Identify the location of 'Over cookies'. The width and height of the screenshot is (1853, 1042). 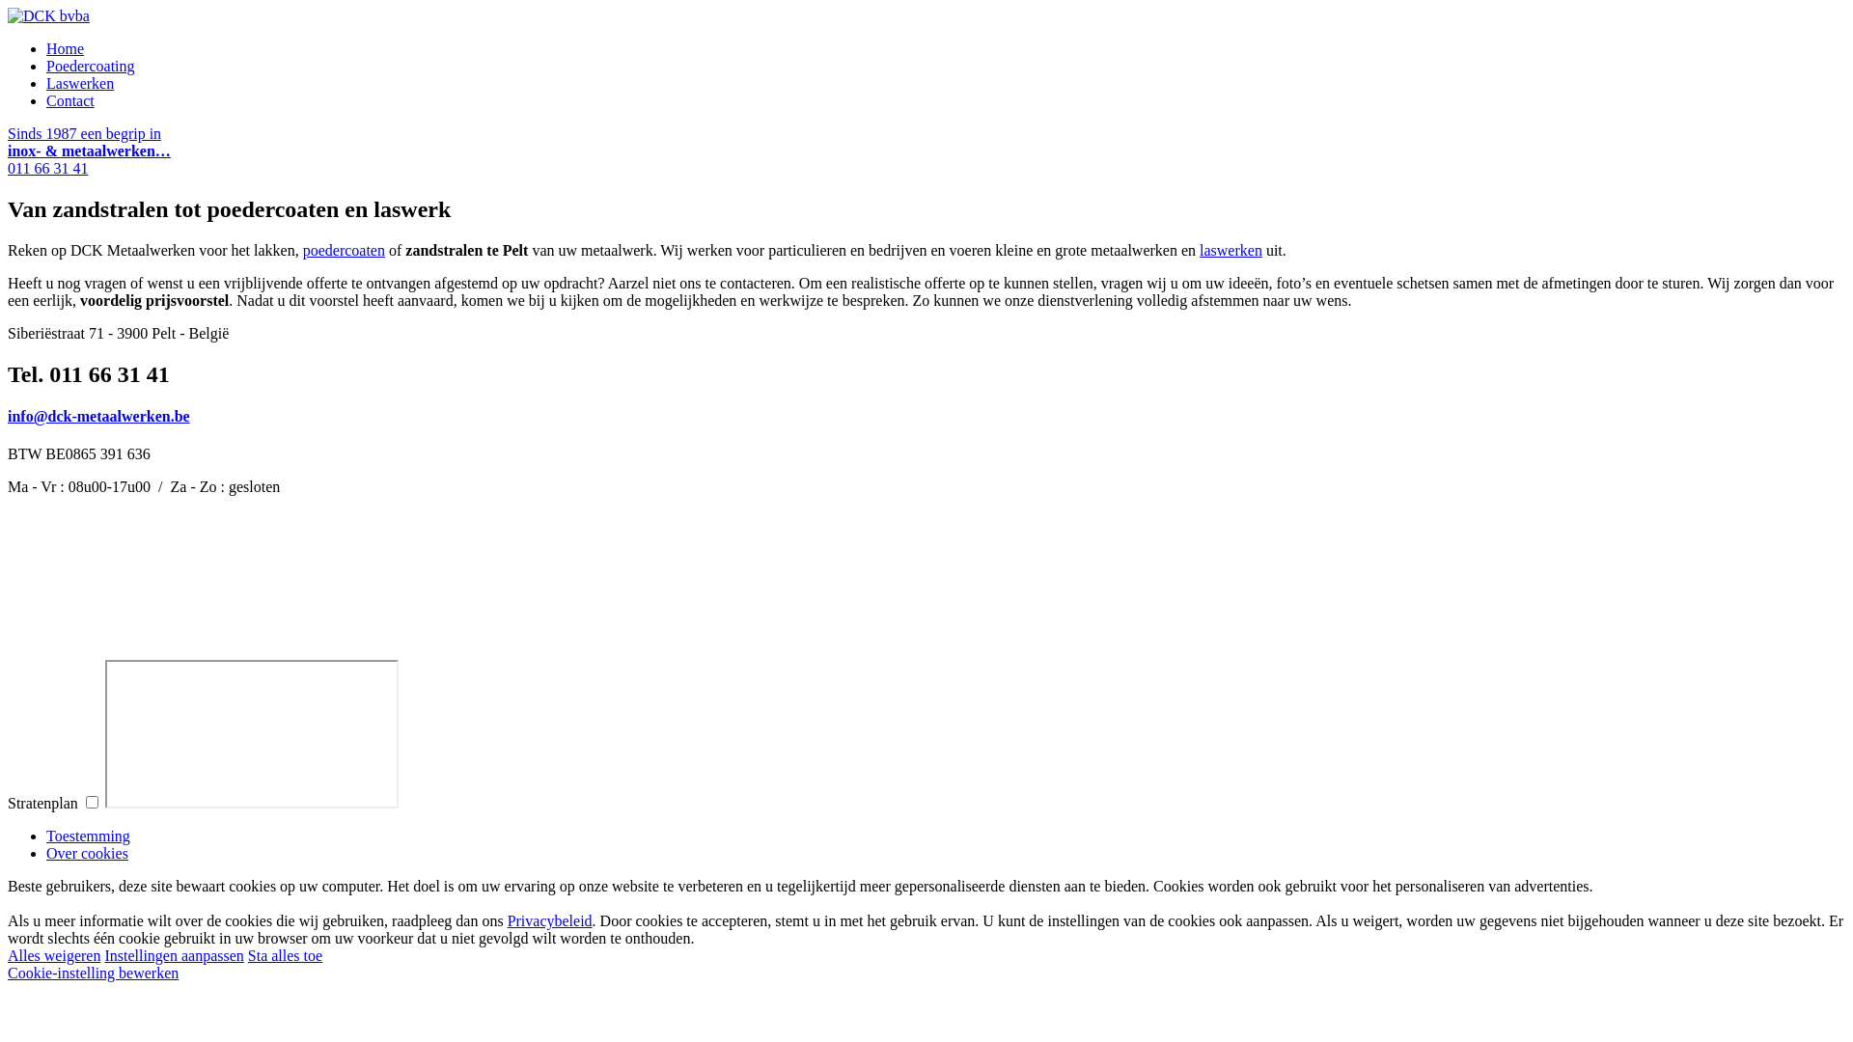
(46, 852).